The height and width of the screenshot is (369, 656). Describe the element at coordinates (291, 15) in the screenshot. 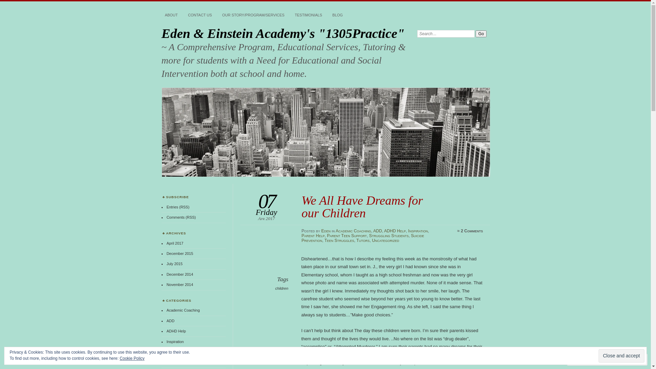

I see `'TESTIMONIALS'` at that location.